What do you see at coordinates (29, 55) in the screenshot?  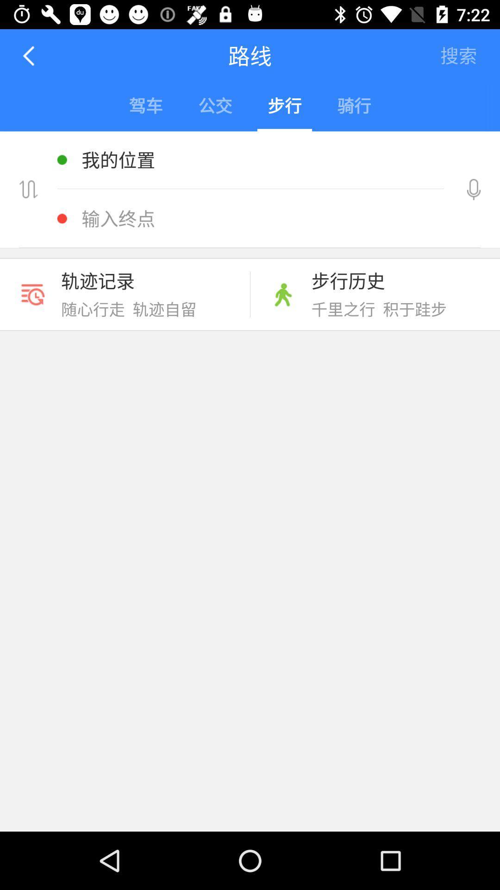 I see `the arrow_backward icon` at bounding box center [29, 55].